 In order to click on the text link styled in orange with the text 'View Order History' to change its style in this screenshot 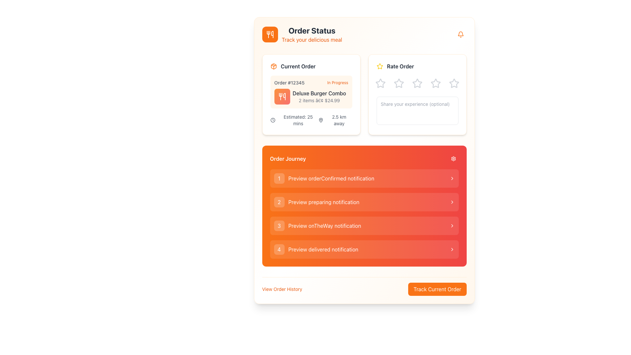, I will do `click(282, 289)`.